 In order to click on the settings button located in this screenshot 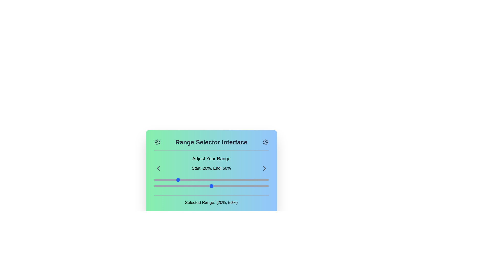, I will do `click(265, 142)`.